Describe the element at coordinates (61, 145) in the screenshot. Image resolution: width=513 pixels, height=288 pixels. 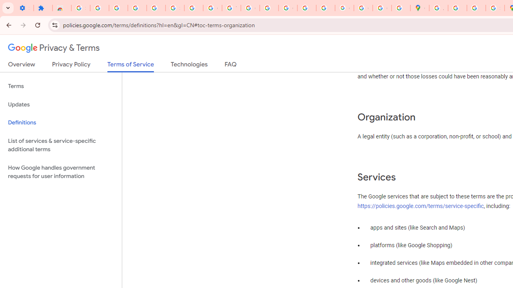
I see `'List of services & service-specific additional terms'` at that location.